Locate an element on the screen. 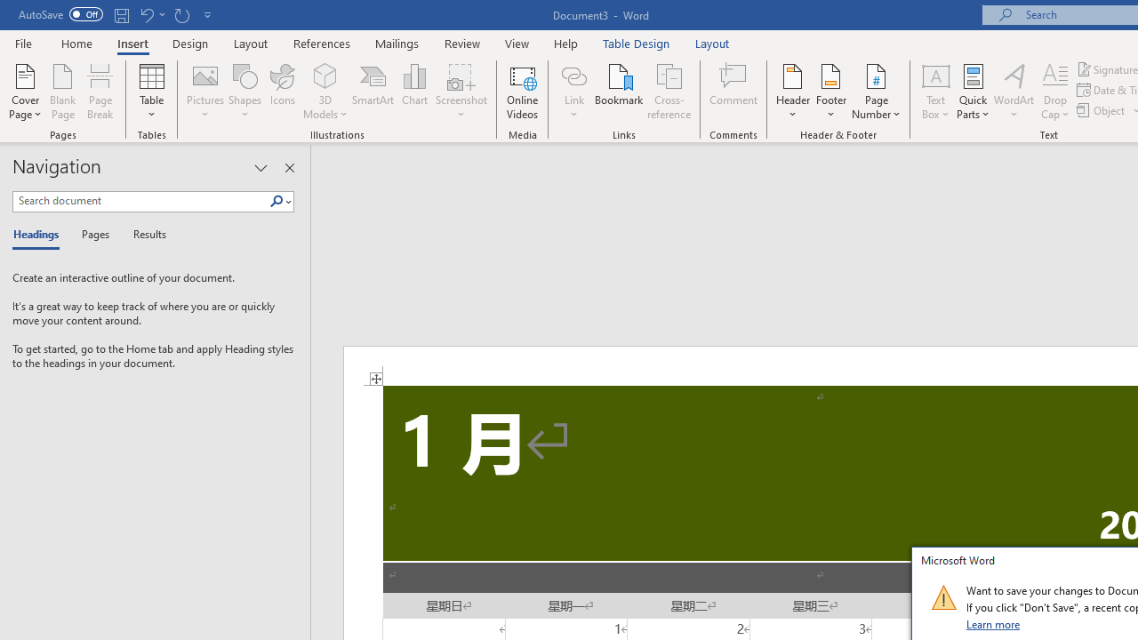  'Layout' is located at coordinates (712, 43).